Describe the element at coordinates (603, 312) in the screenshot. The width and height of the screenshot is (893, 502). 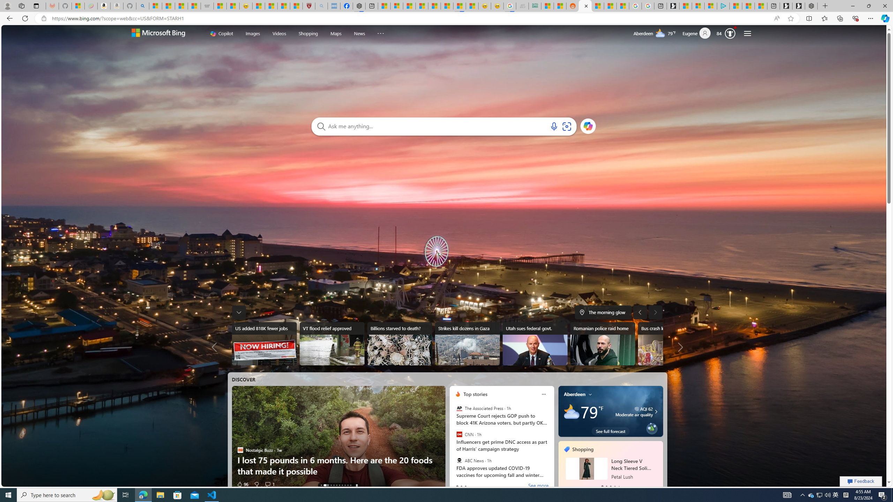
I see `'The morning glow'` at that location.